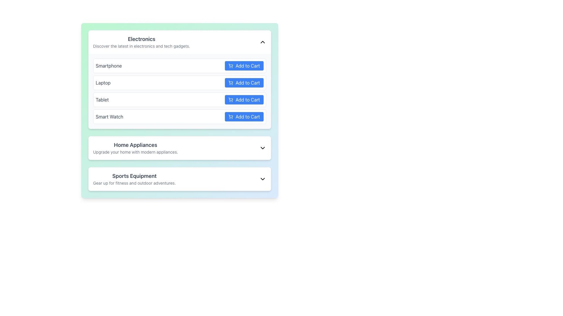  What do you see at coordinates (135, 147) in the screenshot?
I see `contents of the Label that displays 'Home Appliances' and the description 'Upgrade your home with modern appliances.'` at bounding box center [135, 147].